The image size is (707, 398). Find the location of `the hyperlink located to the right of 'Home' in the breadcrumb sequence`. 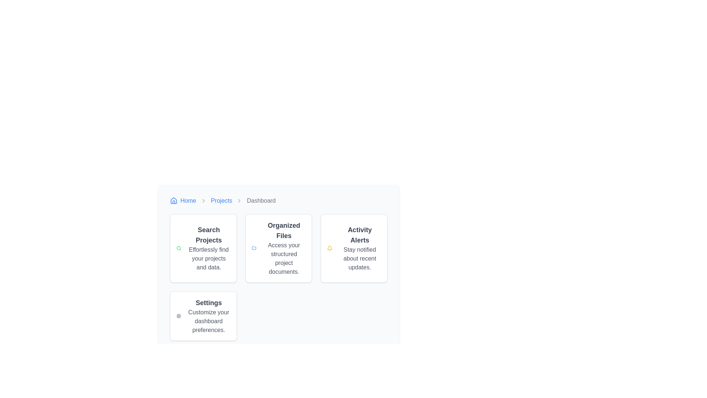

the hyperlink located to the right of 'Home' in the breadcrumb sequence is located at coordinates (221, 200).